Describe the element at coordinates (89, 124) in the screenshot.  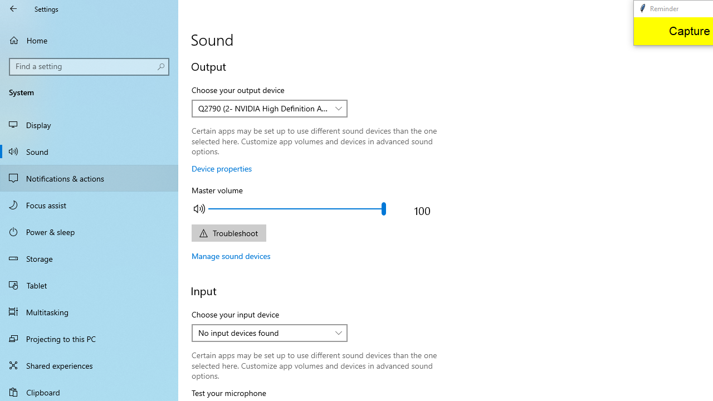
I see `'Display'` at that location.